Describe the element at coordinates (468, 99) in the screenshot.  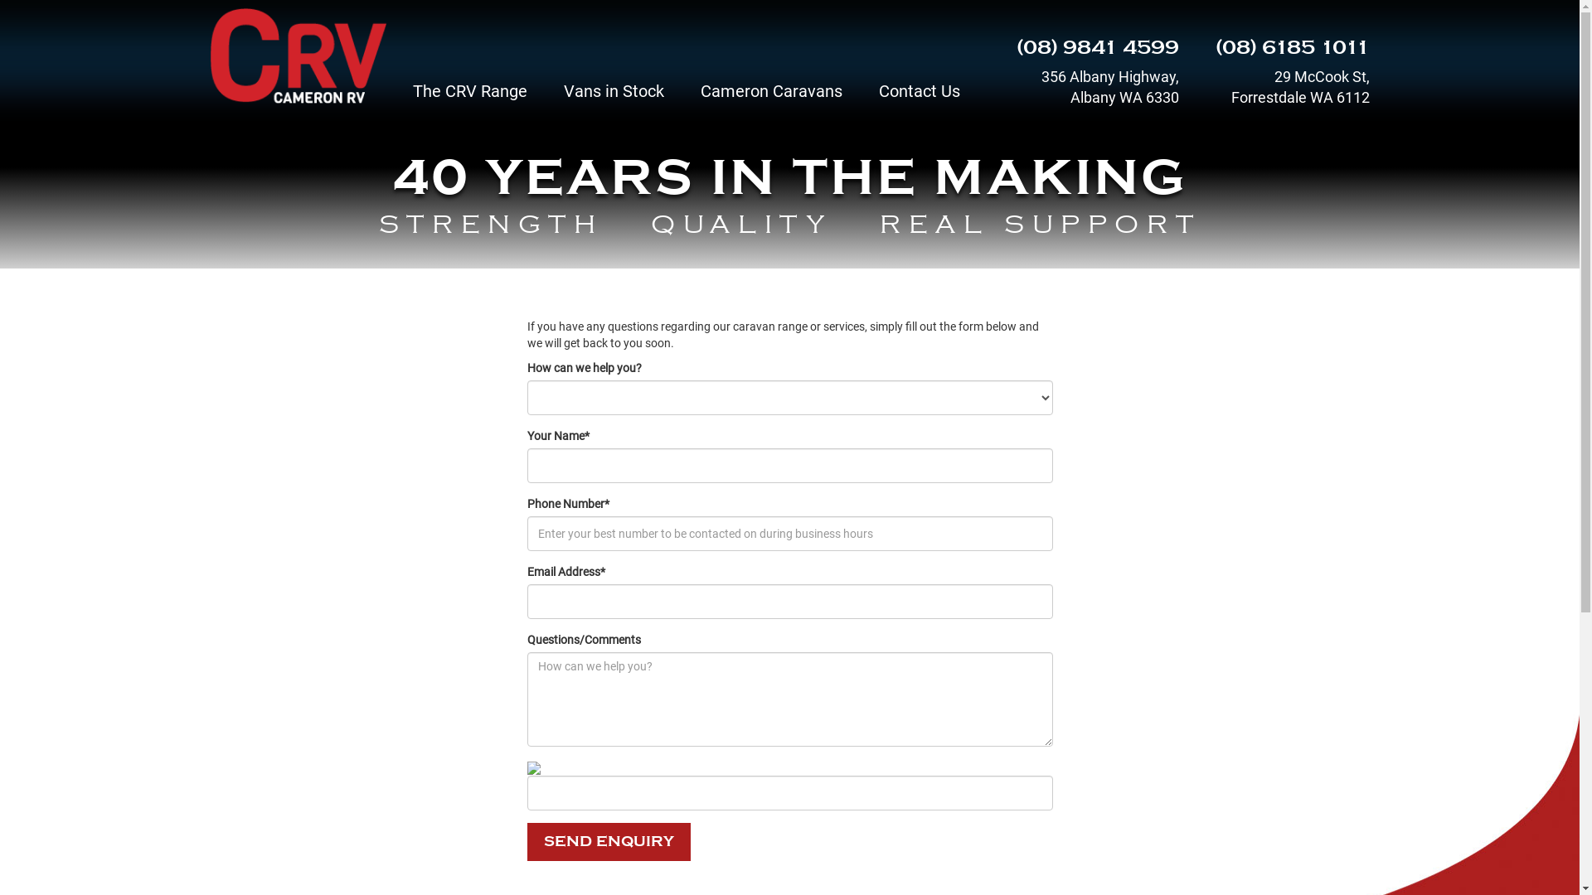
I see `'The CRV Range'` at that location.